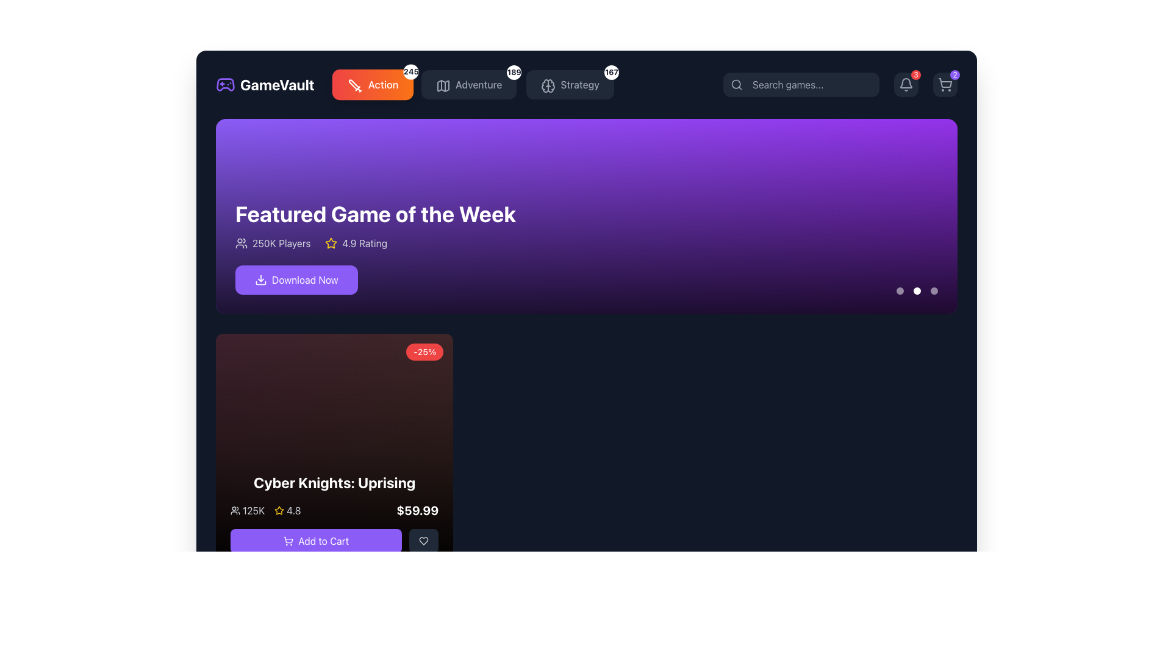  I want to click on the star-shaped icon styled in bright yellow with a black outline, located to the left of the numeric rating '4.8' for the item 'Cyber Knights: Uprising', so click(279, 511).